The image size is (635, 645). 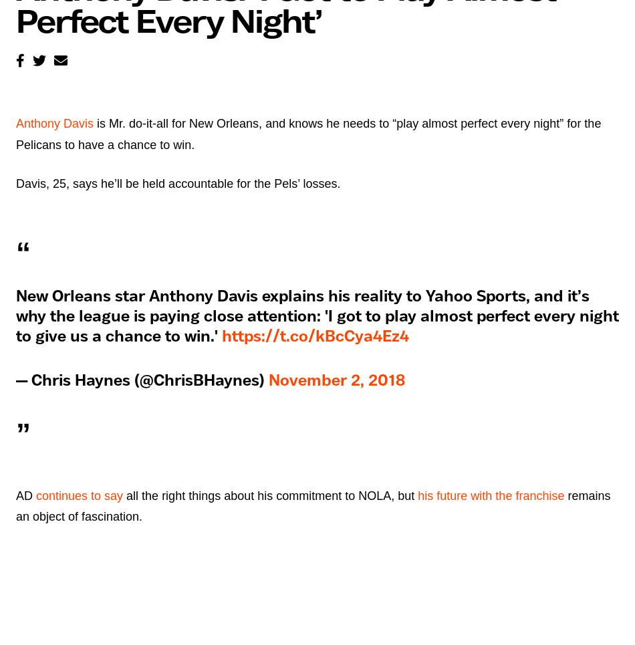 What do you see at coordinates (35, 495) in the screenshot?
I see `'continues to say'` at bounding box center [35, 495].